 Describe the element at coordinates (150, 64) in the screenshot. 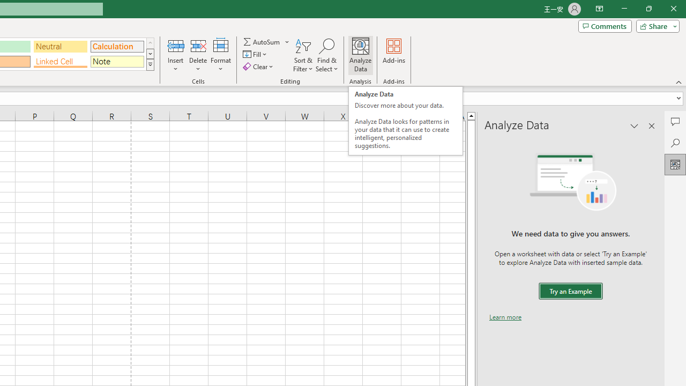

I see `'Class: NetUIImage'` at that location.